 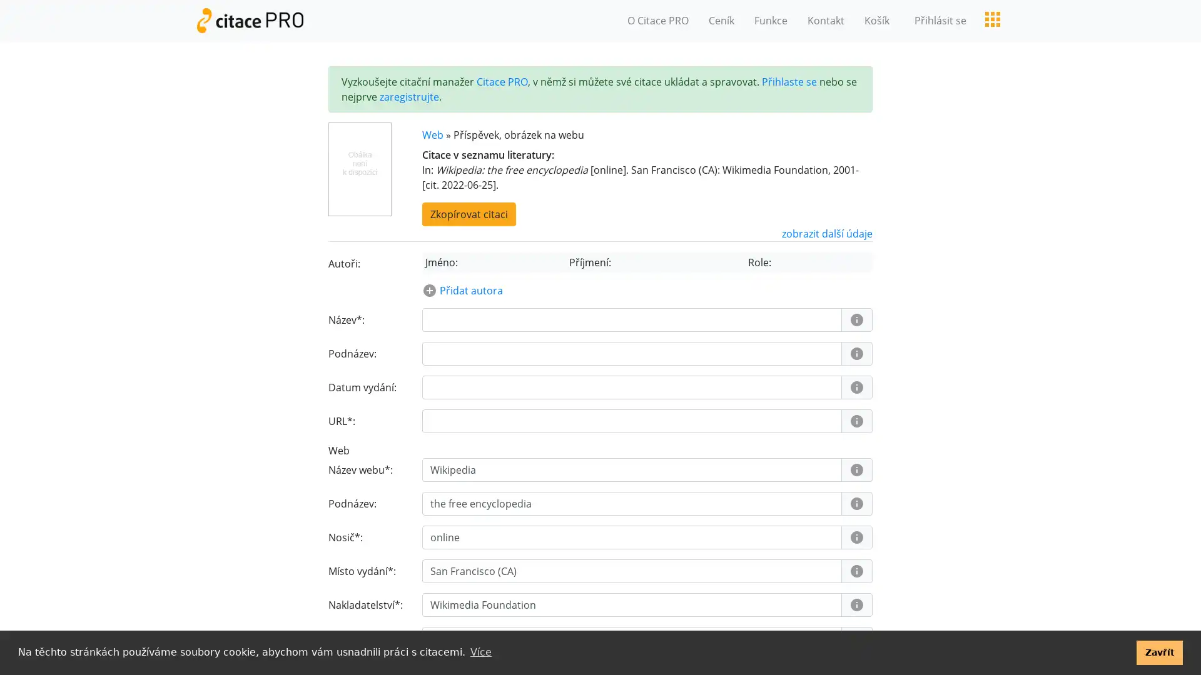 I want to click on learn more about cookies, so click(x=480, y=652).